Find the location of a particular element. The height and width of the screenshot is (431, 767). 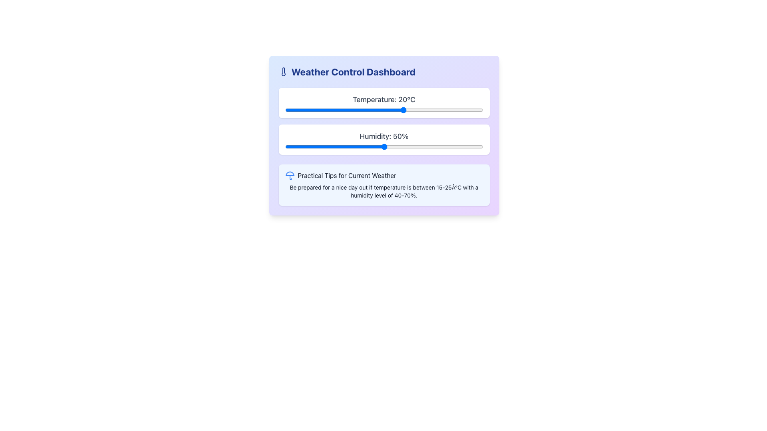

the blue circular icon component located at the top left of the 'Weather Control Dashboard' title is located at coordinates (289, 173).